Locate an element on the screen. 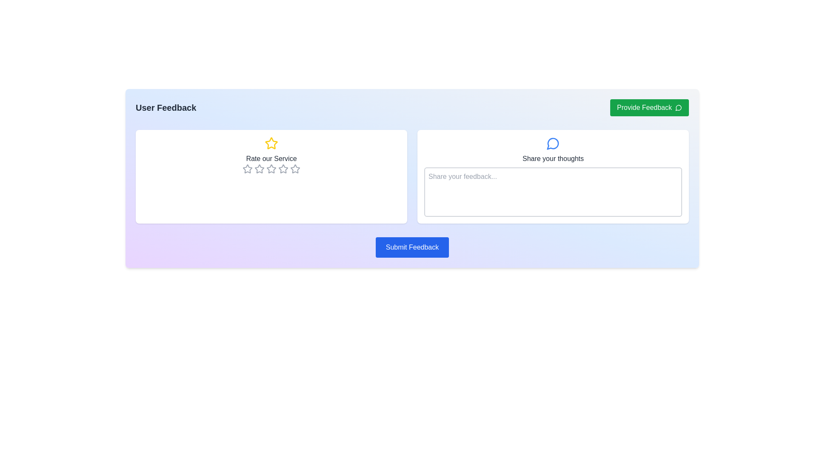  the 'Rate our Service' static text label, which is styled in medium-weight, sans-serif font and located centrally within the left section of the interface, beneath a yellow star icon and above a row of gray stars for rating is located at coordinates (271, 159).